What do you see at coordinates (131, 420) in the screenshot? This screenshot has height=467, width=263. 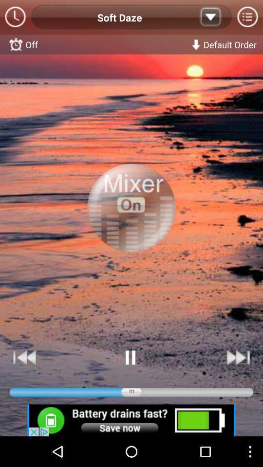 I see `advertisement link` at bounding box center [131, 420].